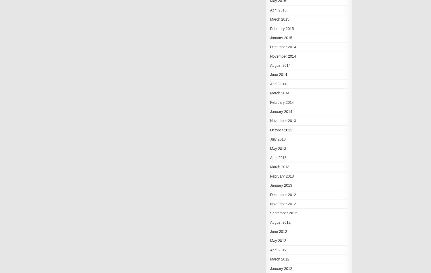 The width and height of the screenshot is (431, 273). Describe the element at coordinates (278, 83) in the screenshot. I see `'April 2014'` at that location.